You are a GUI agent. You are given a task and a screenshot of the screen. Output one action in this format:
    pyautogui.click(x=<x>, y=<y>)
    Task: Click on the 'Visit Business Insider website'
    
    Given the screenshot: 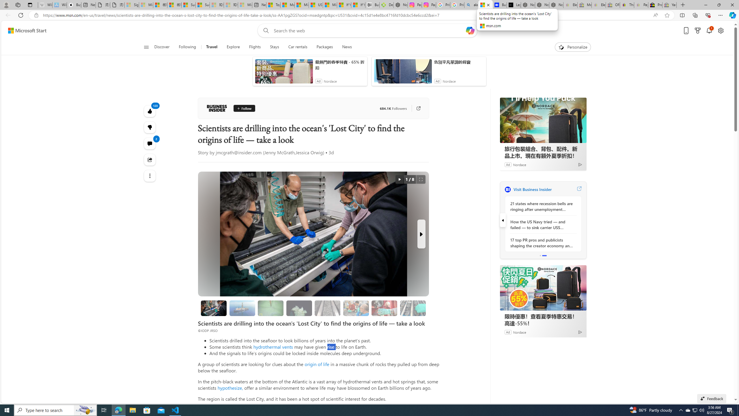 What is the action you would take?
    pyautogui.click(x=579, y=189)
    